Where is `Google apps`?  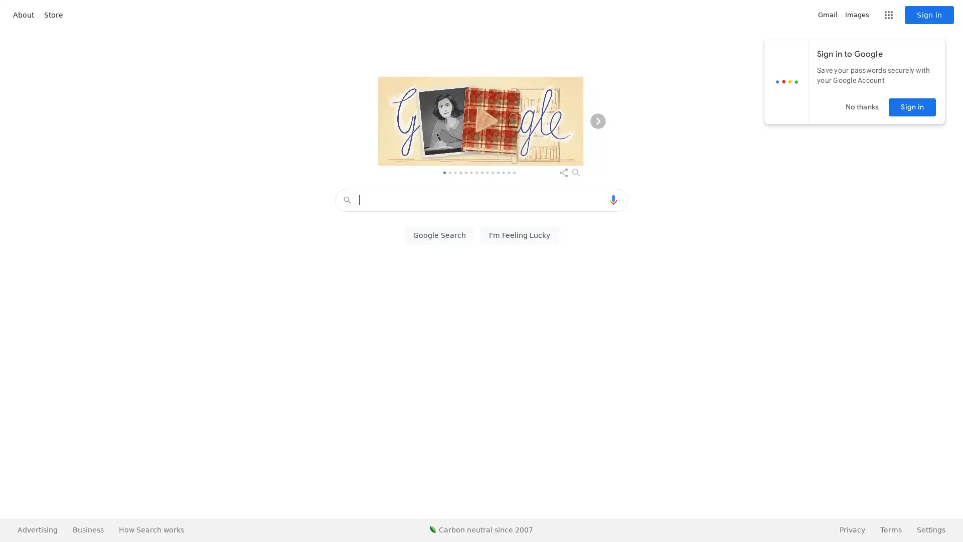
Google apps is located at coordinates (888, 15).